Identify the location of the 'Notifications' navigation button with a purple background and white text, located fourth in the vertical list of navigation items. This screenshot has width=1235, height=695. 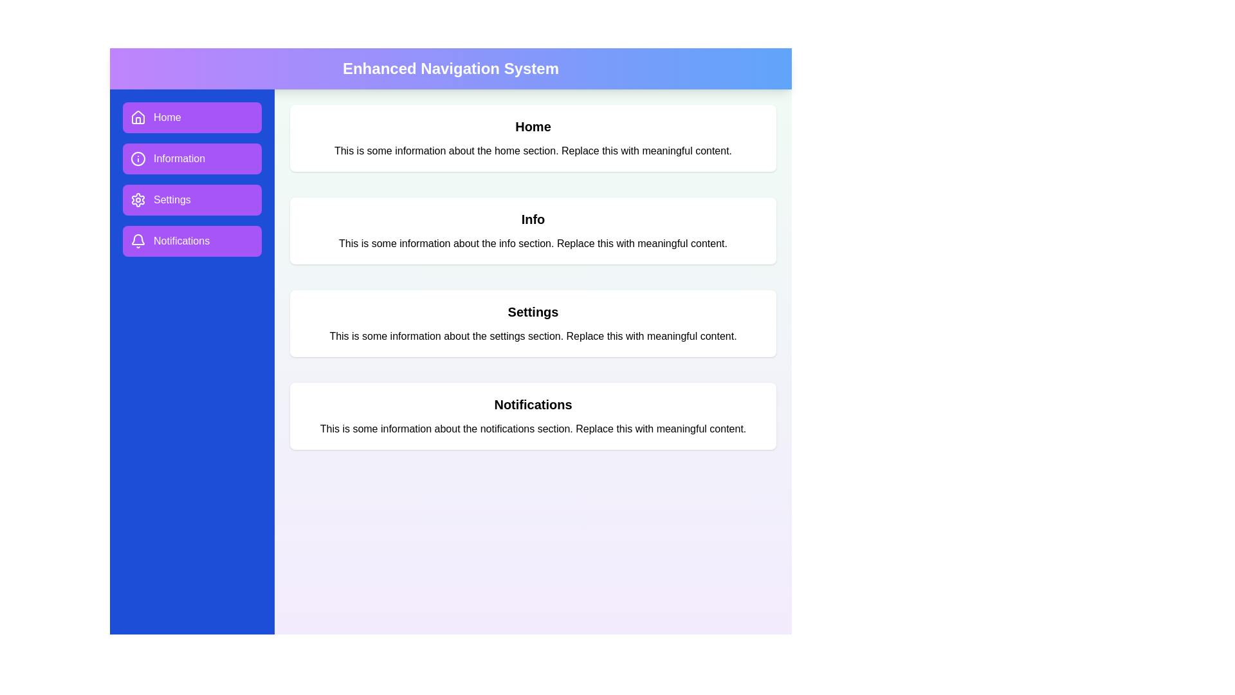
(191, 241).